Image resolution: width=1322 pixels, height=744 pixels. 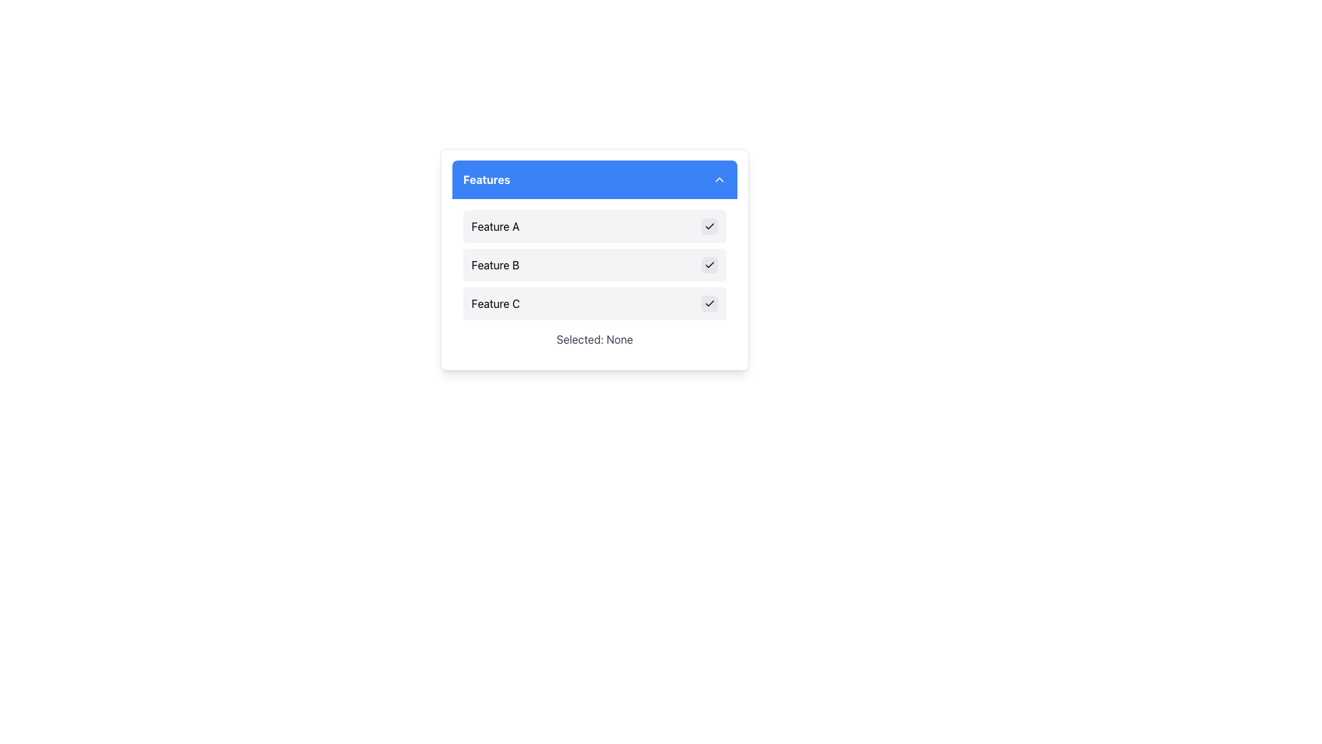 What do you see at coordinates (710, 225) in the screenshot?
I see `the small checkmark icon with a rounded corner gray background located to the right side of the 'Feature A' row in the 'Features' section` at bounding box center [710, 225].